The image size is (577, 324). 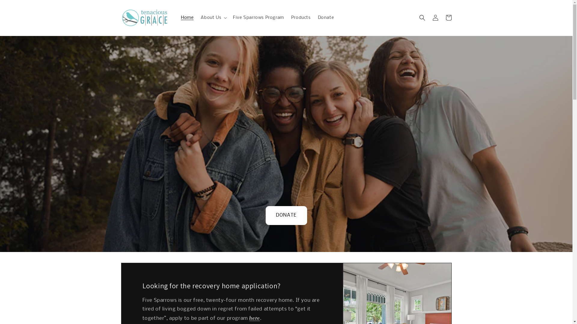 I want to click on 'Log in', so click(x=435, y=17).